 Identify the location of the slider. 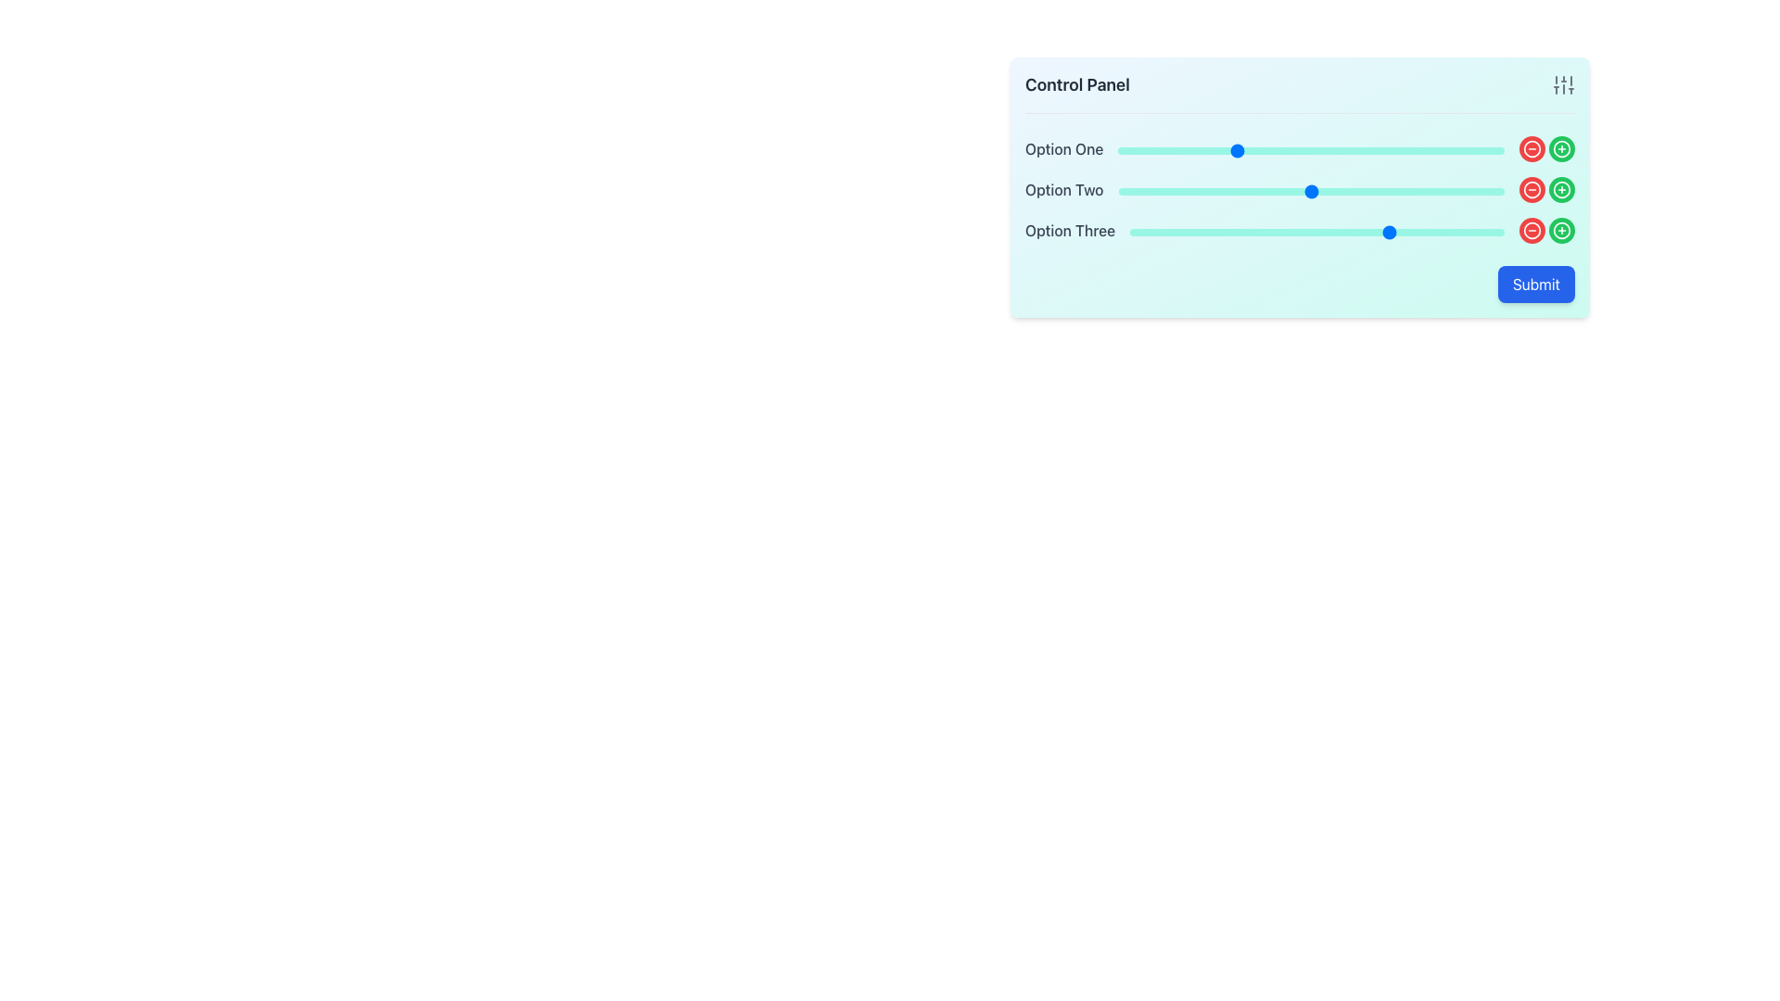
(1318, 149).